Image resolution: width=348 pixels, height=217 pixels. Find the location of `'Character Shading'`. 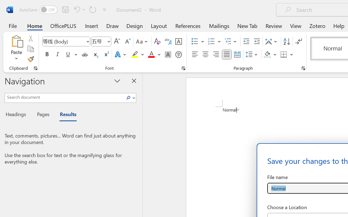

'Character Shading' is located at coordinates (168, 55).